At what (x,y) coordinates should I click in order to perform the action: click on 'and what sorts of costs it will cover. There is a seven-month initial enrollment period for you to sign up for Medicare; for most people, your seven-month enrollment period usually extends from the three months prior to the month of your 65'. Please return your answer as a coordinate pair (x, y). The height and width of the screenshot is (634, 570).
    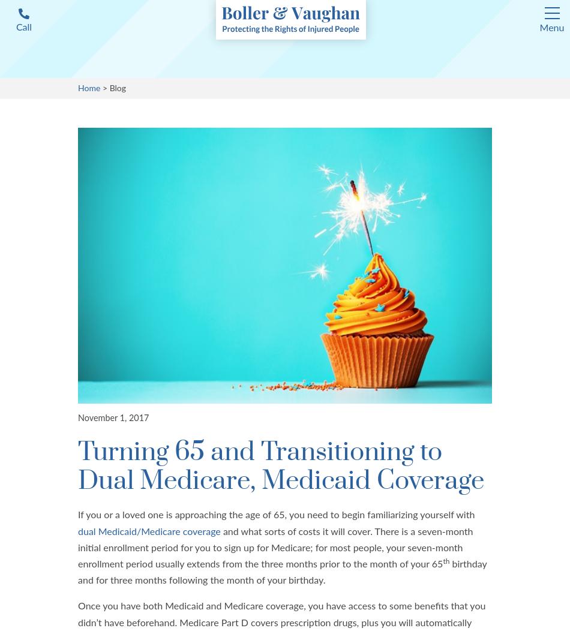
    Looking at the image, I should click on (275, 548).